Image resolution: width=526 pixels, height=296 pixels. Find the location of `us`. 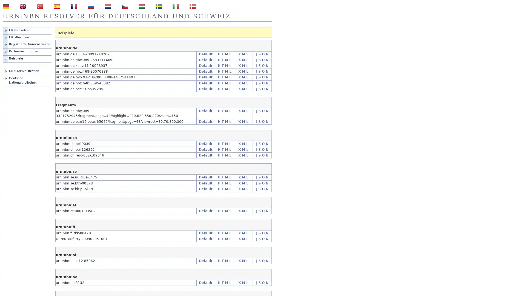

us is located at coordinates (22, 6).